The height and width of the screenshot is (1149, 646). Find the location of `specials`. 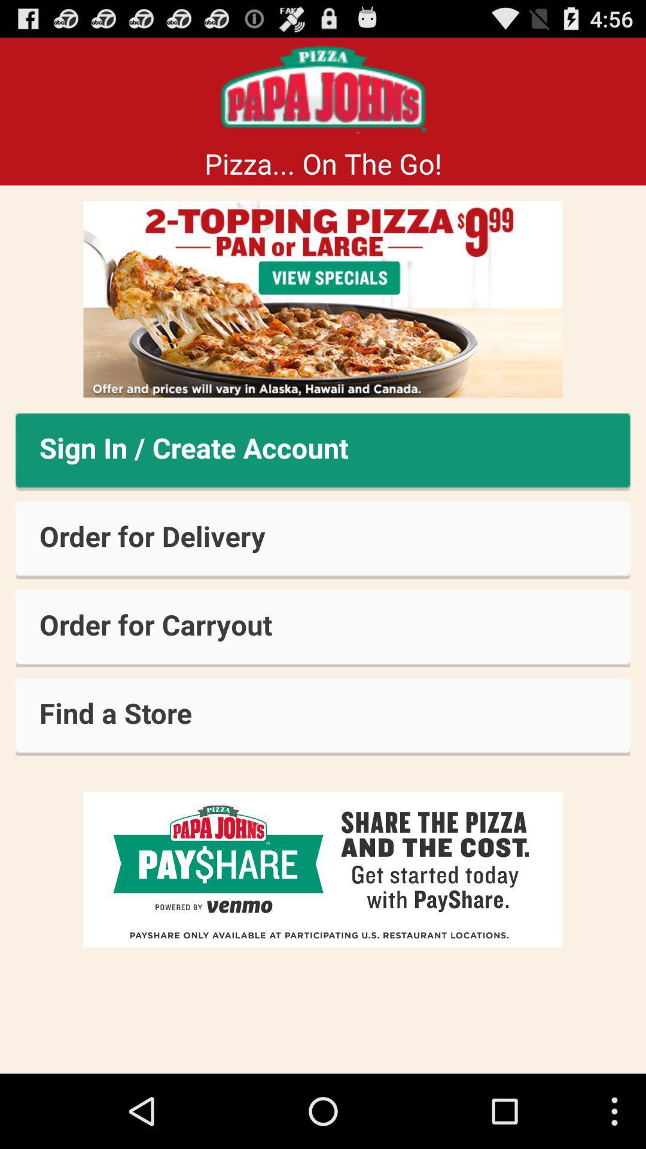

specials is located at coordinates (323, 299).